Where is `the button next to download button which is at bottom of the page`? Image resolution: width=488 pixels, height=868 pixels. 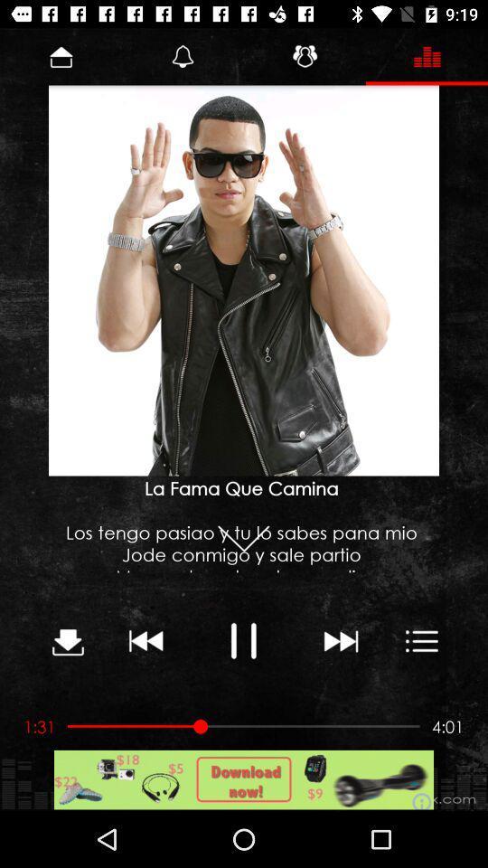
the button next to download button which is at bottom of the page is located at coordinates (146, 640).